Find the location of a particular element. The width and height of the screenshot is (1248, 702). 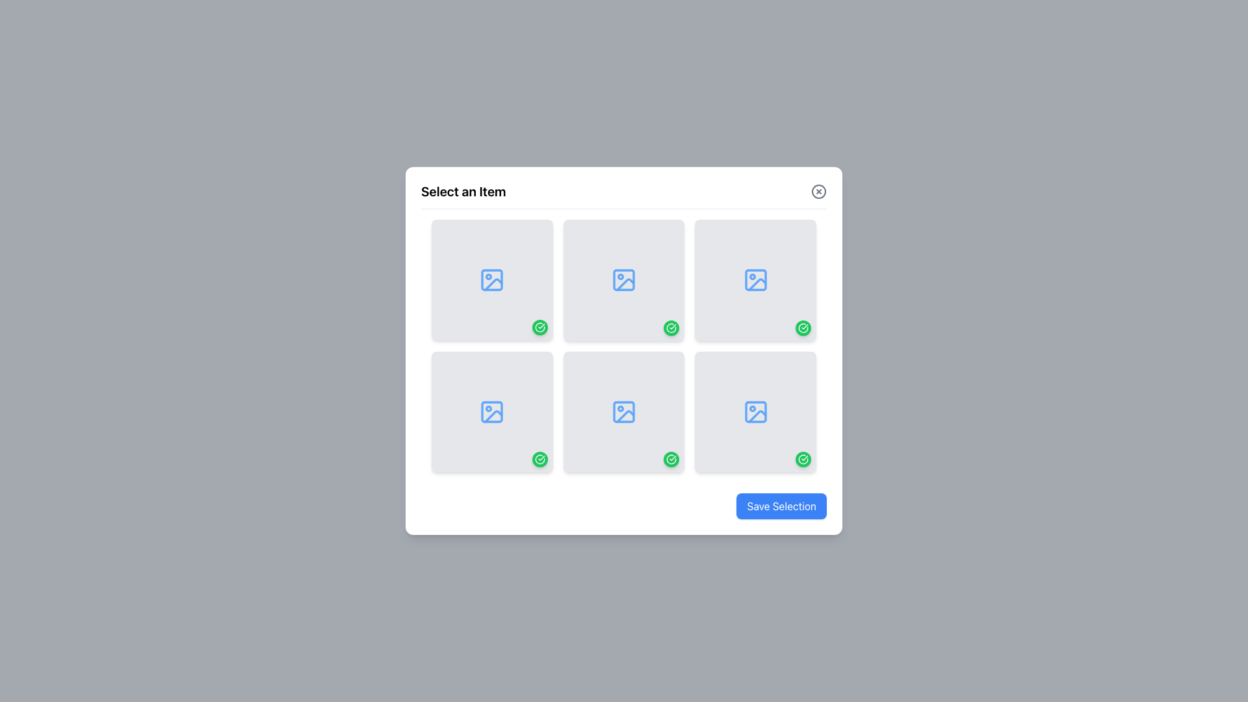

the central picture frame icon with a blue outline located is located at coordinates (624, 411).